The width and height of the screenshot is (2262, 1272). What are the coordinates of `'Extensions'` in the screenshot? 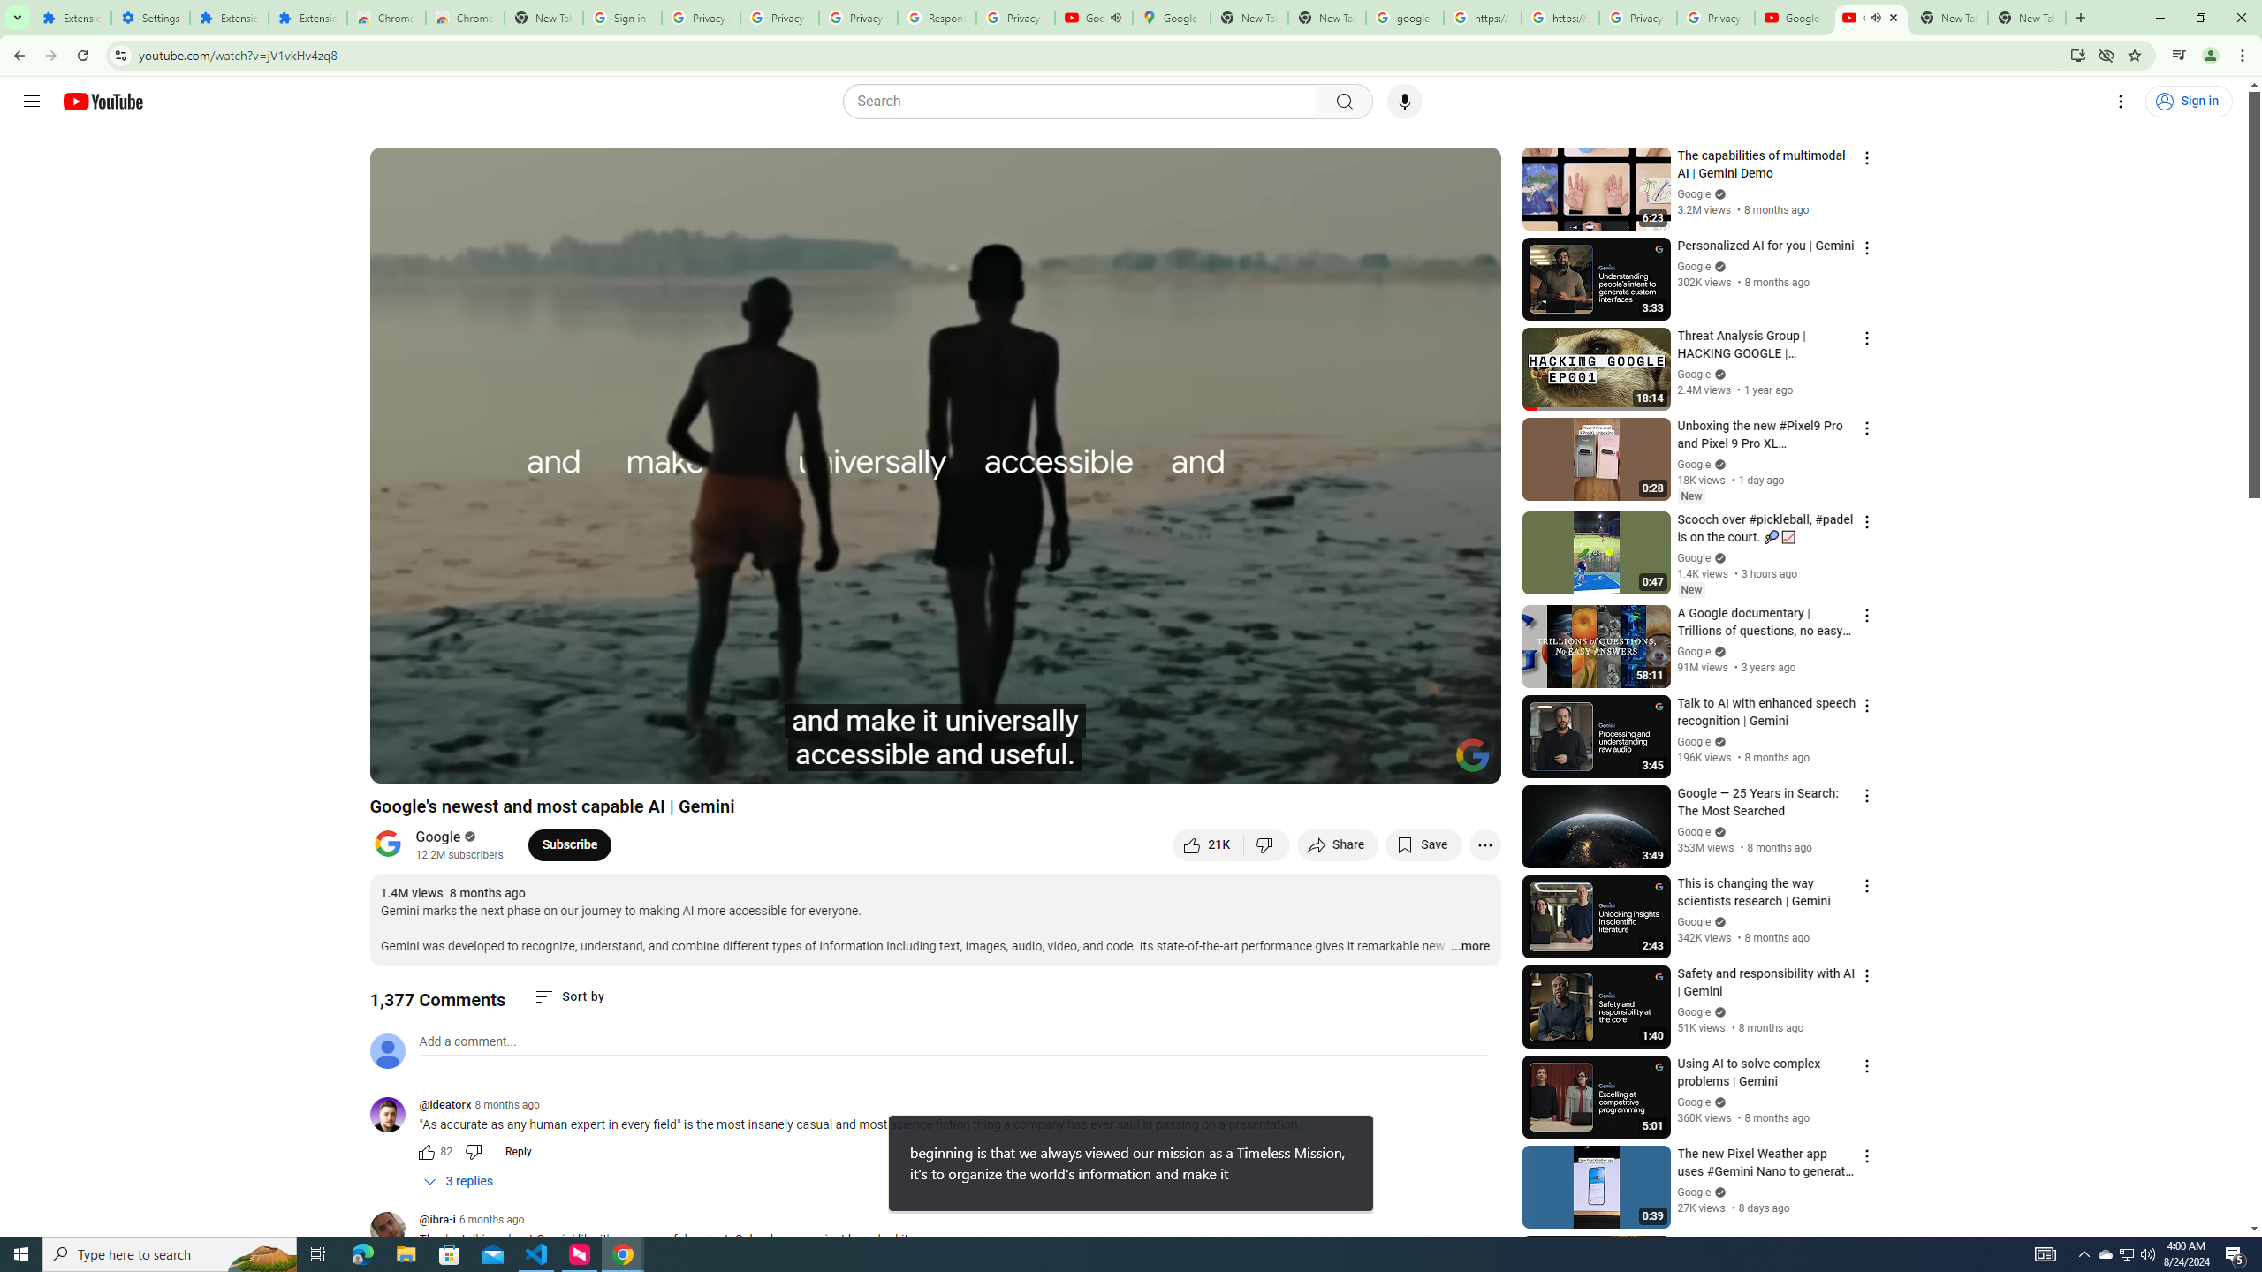 It's located at (307, 17).